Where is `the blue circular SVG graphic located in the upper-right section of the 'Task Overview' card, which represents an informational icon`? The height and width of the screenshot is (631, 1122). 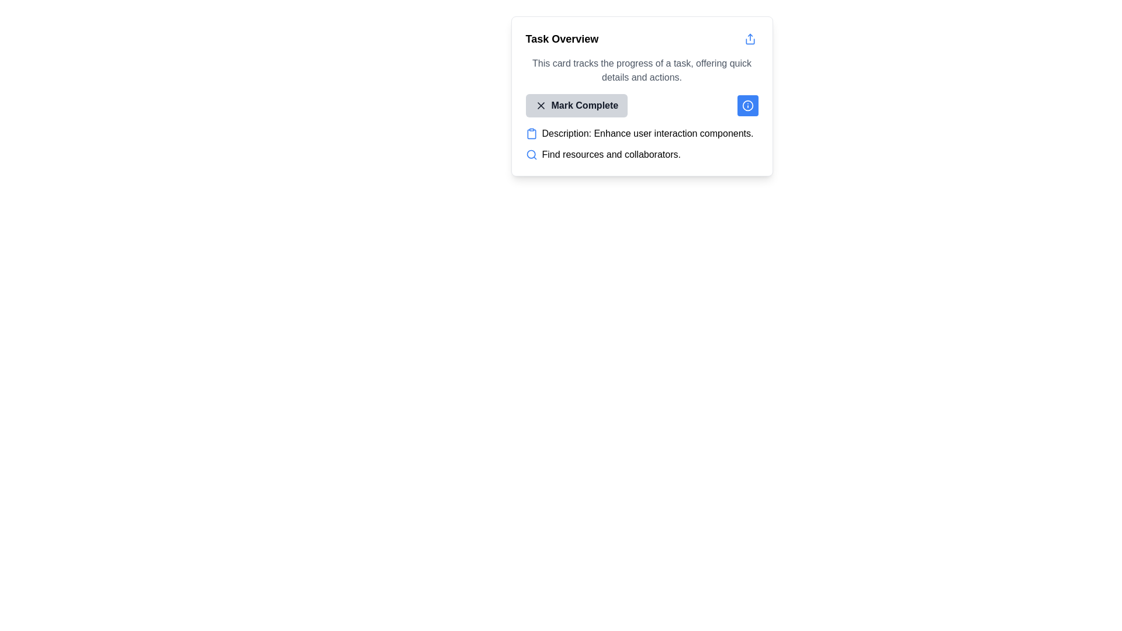 the blue circular SVG graphic located in the upper-right section of the 'Task Overview' card, which represents an informational icon is located at coordinates (747, 106).